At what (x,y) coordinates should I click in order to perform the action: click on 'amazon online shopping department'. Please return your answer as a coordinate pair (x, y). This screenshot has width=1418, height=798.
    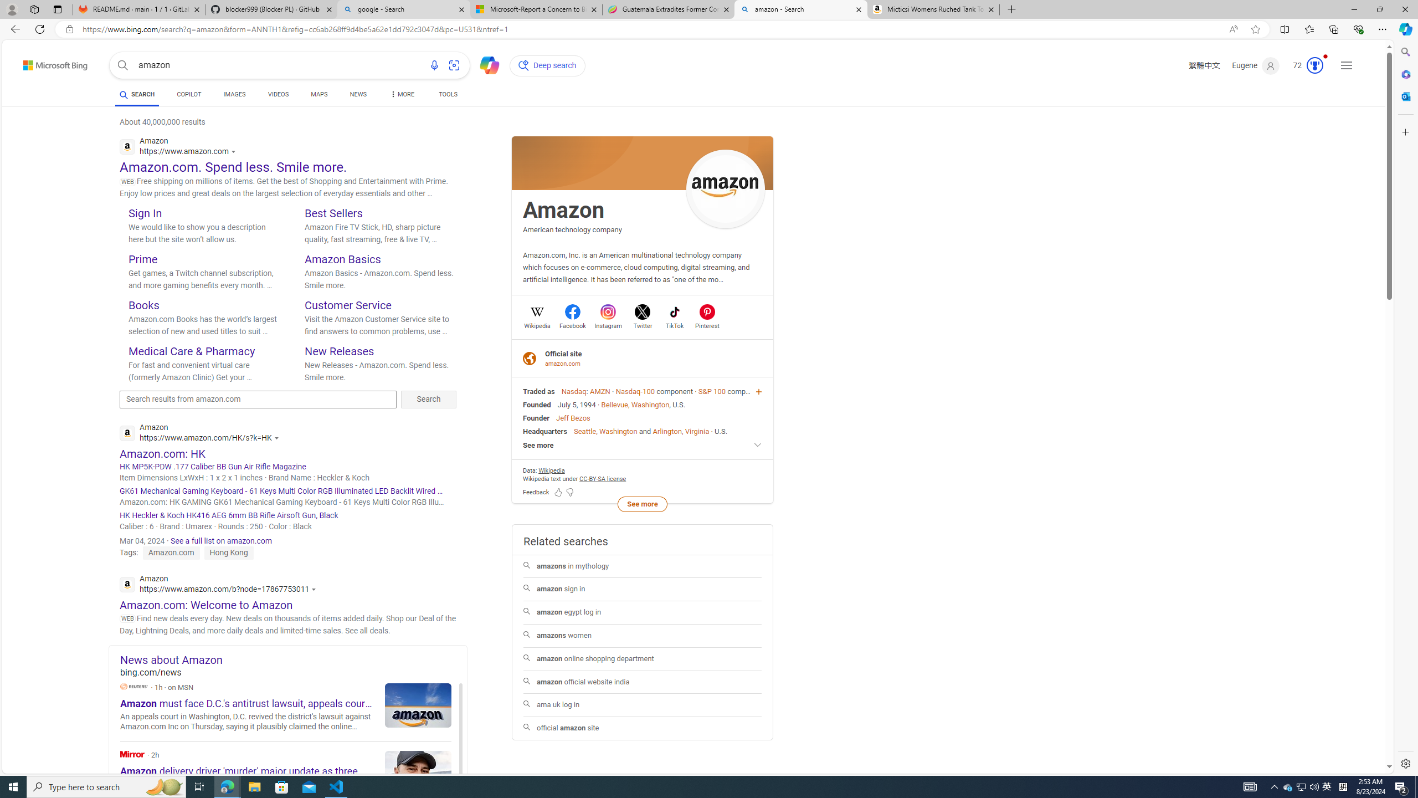
    Looking at the image, I should click on (641, 658).